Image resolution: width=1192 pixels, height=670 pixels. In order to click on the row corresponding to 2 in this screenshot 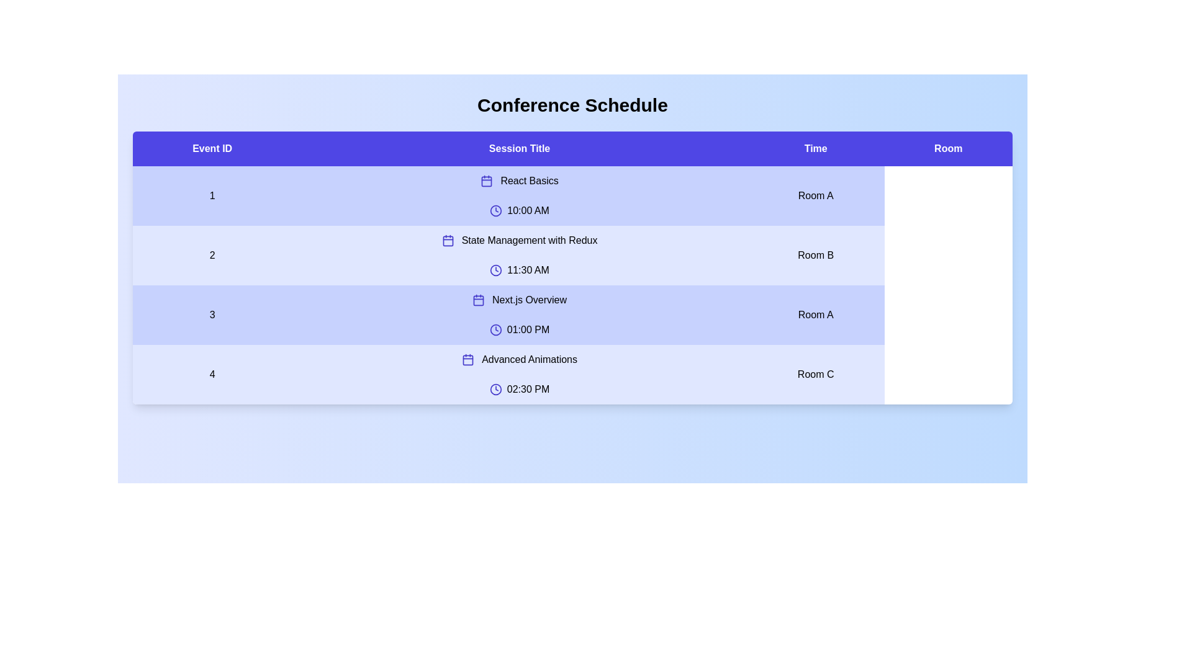, I will do `click(572, 255)`.